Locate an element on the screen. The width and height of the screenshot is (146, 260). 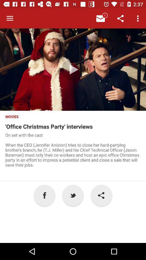
icon next to the ! icon is located at coordinates (73, 195).